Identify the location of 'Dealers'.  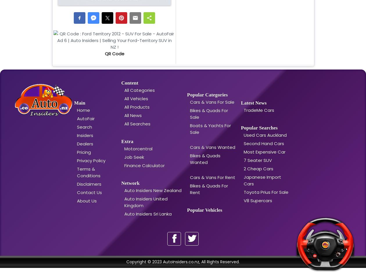
(85, 143).